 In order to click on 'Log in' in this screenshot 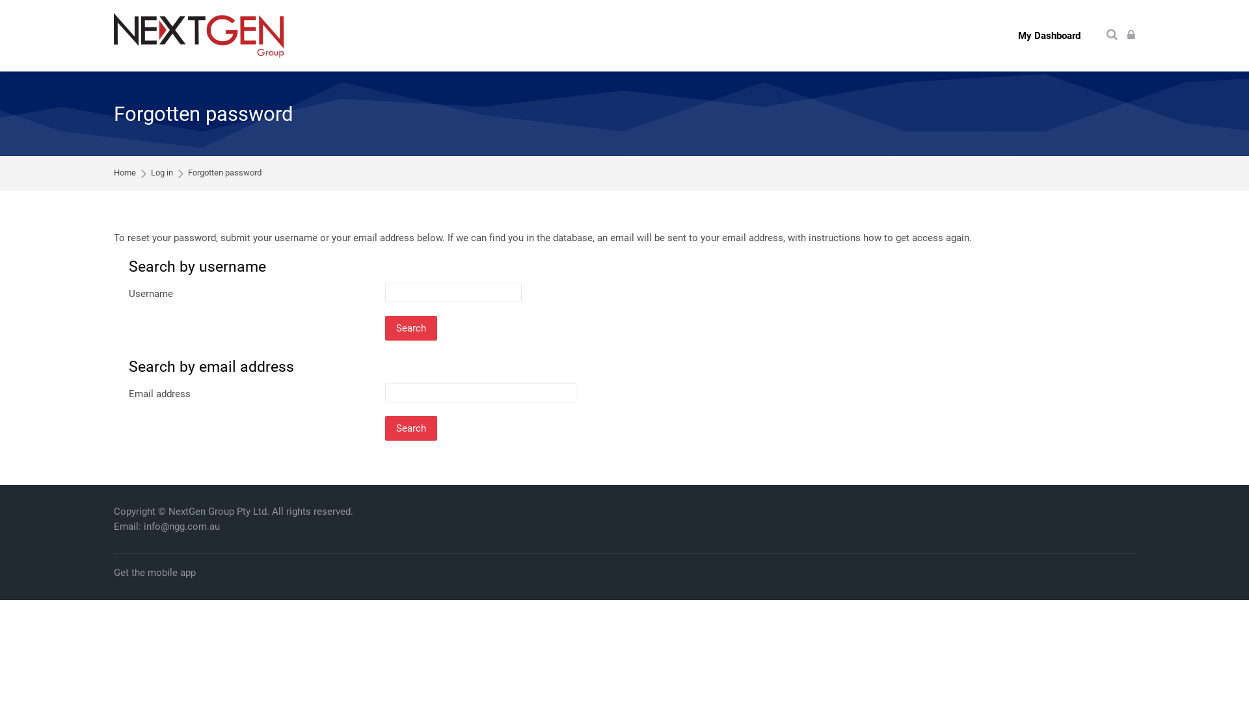, I will do `click(1130, 34)`.